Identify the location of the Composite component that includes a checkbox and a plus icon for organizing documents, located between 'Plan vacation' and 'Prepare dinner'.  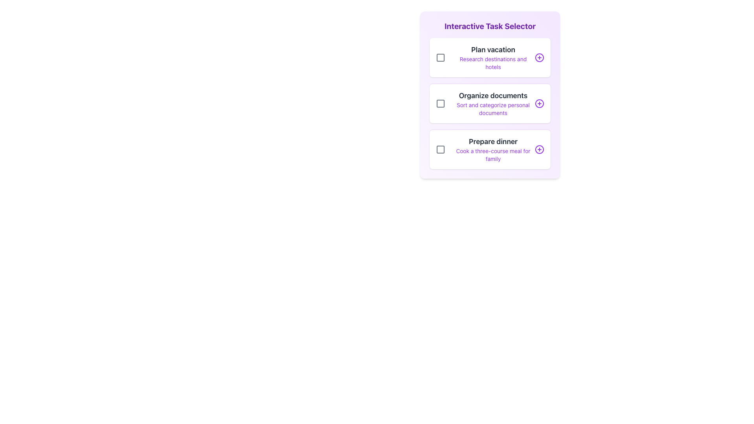
(485, 103).